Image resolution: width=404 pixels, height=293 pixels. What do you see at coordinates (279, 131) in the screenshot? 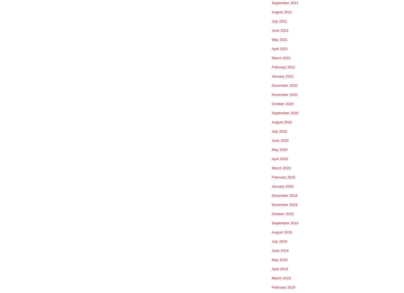
I see `'July 2020'` at bounding box center [279, 131].